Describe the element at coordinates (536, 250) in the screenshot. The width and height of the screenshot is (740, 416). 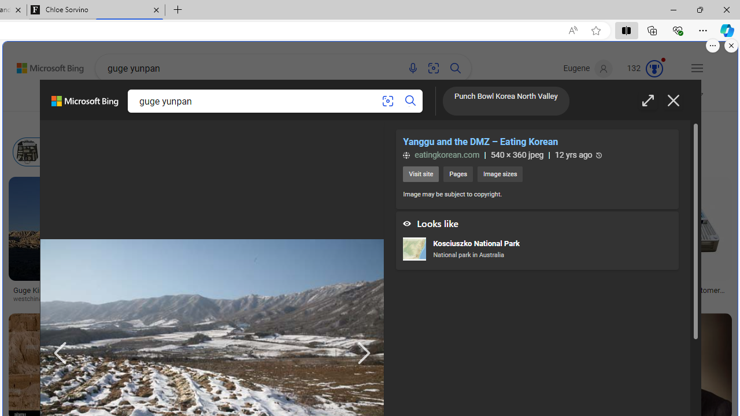
I see `'Kosciuszko National ParkNational park in Australia'` at that location.